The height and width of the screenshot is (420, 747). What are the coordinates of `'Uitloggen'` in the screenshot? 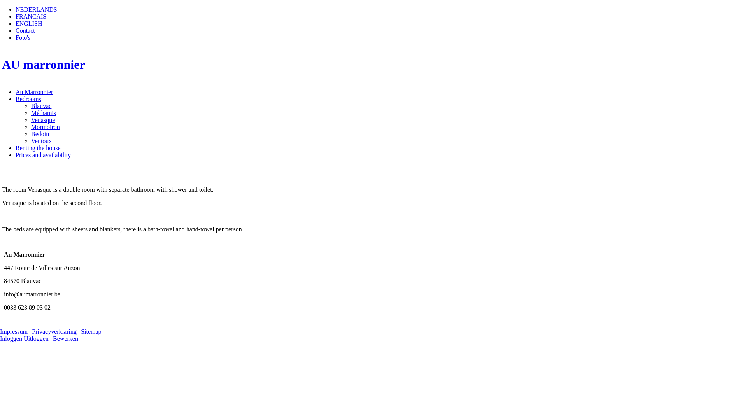 It's located at (24, 338).